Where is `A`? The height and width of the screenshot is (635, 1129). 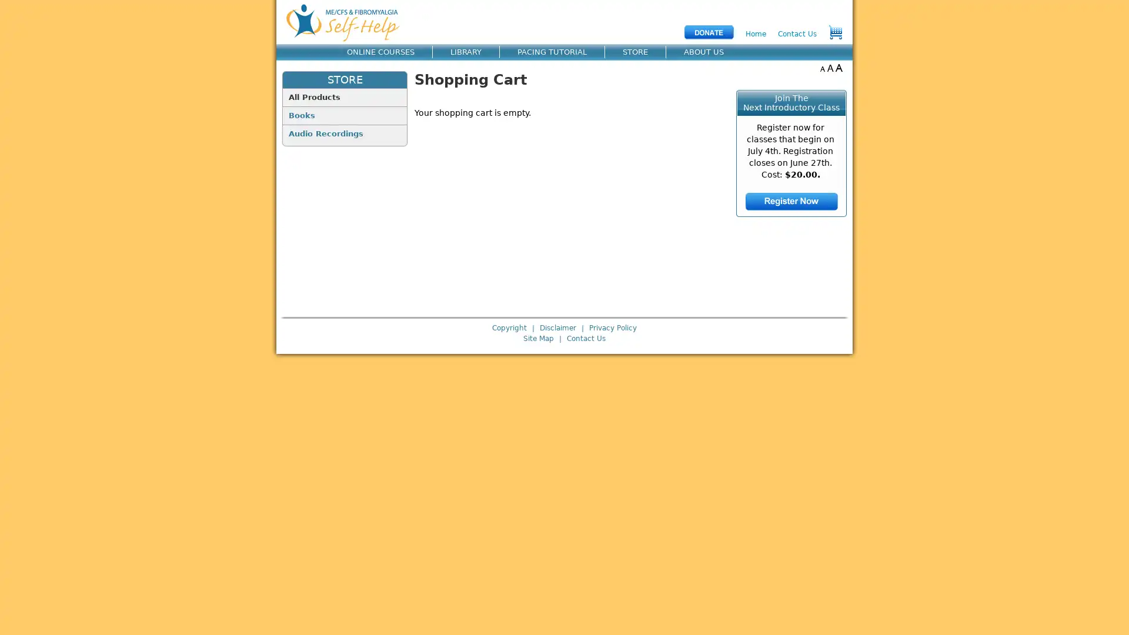 A is located at coordinates (830, 68).